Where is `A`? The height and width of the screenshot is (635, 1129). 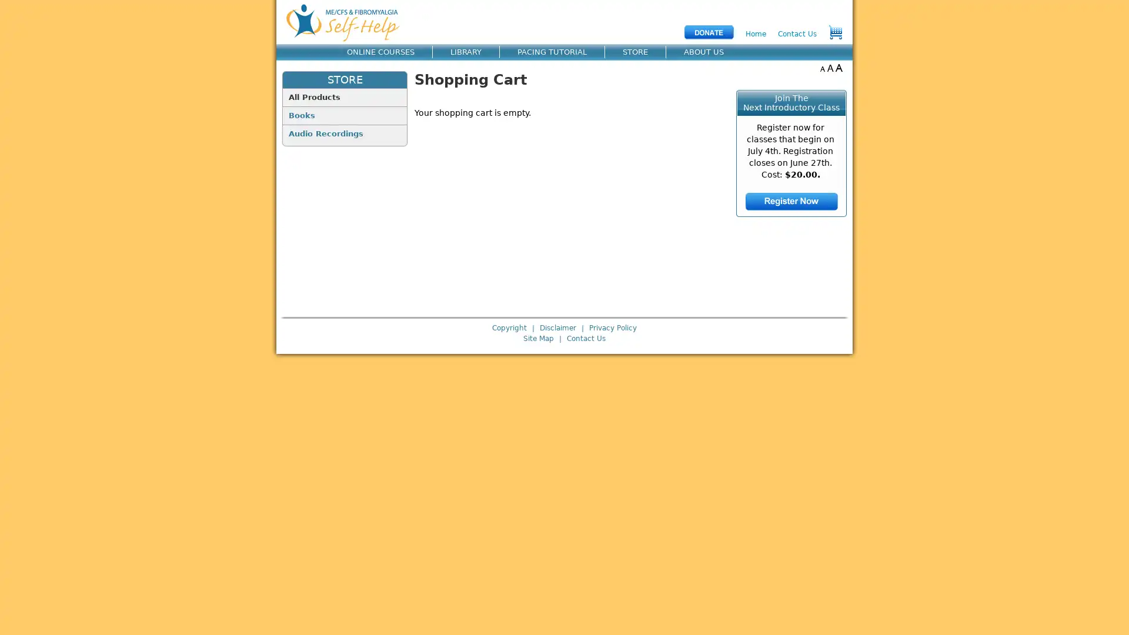 A is located at coordinates (830, 68).